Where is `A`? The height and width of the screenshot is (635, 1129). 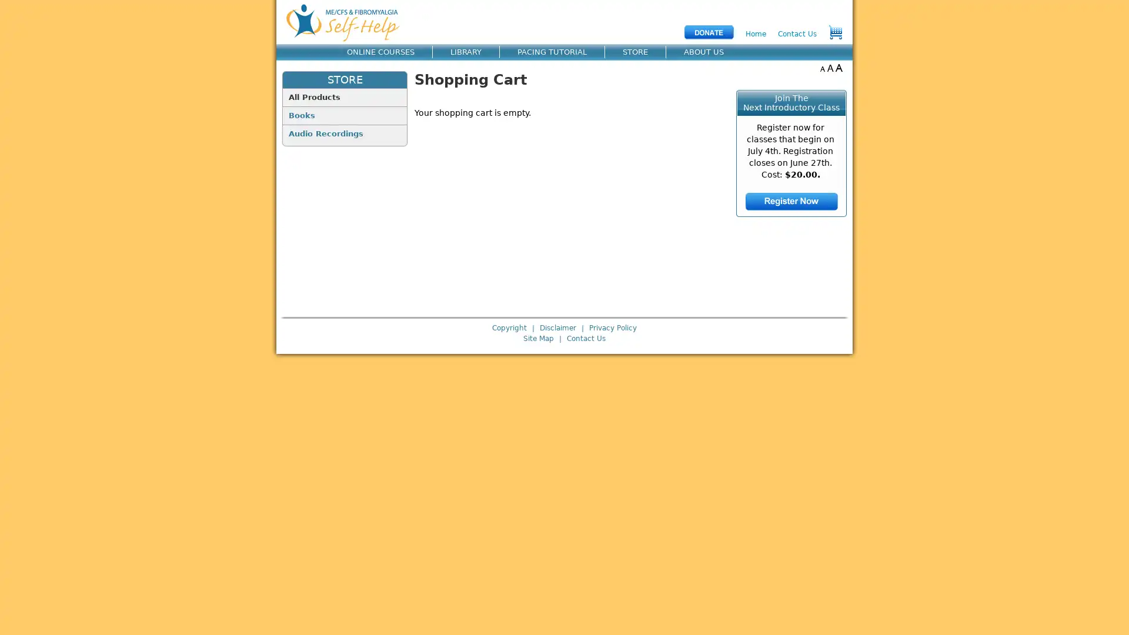 A is located at coordinates (830, 68).